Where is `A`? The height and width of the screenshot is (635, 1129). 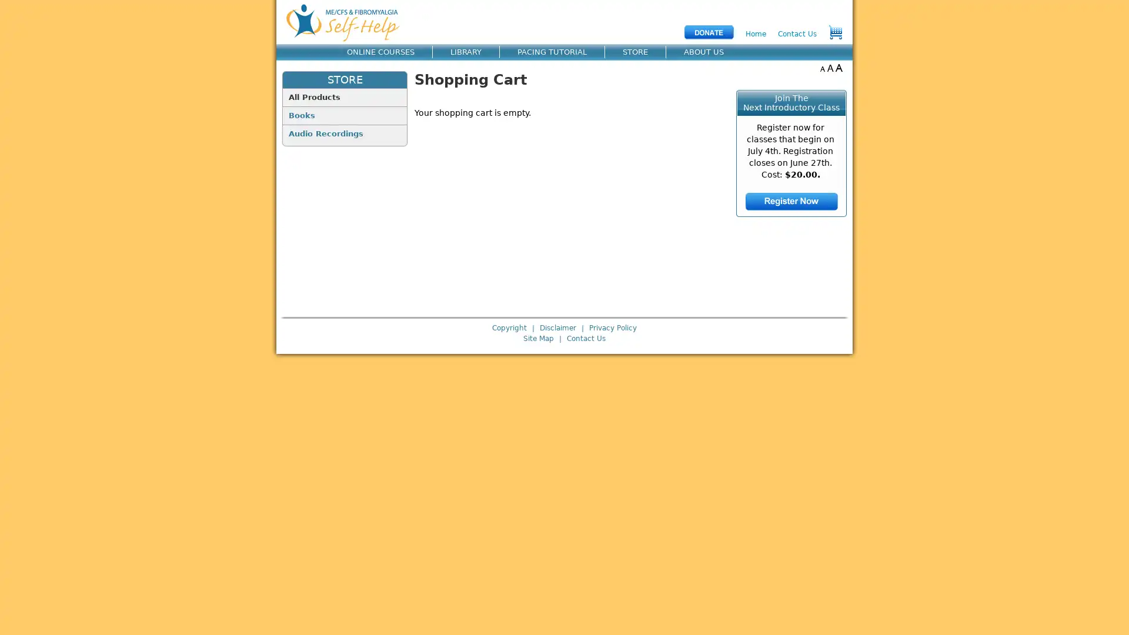 A is located at coordinates (830, 68).